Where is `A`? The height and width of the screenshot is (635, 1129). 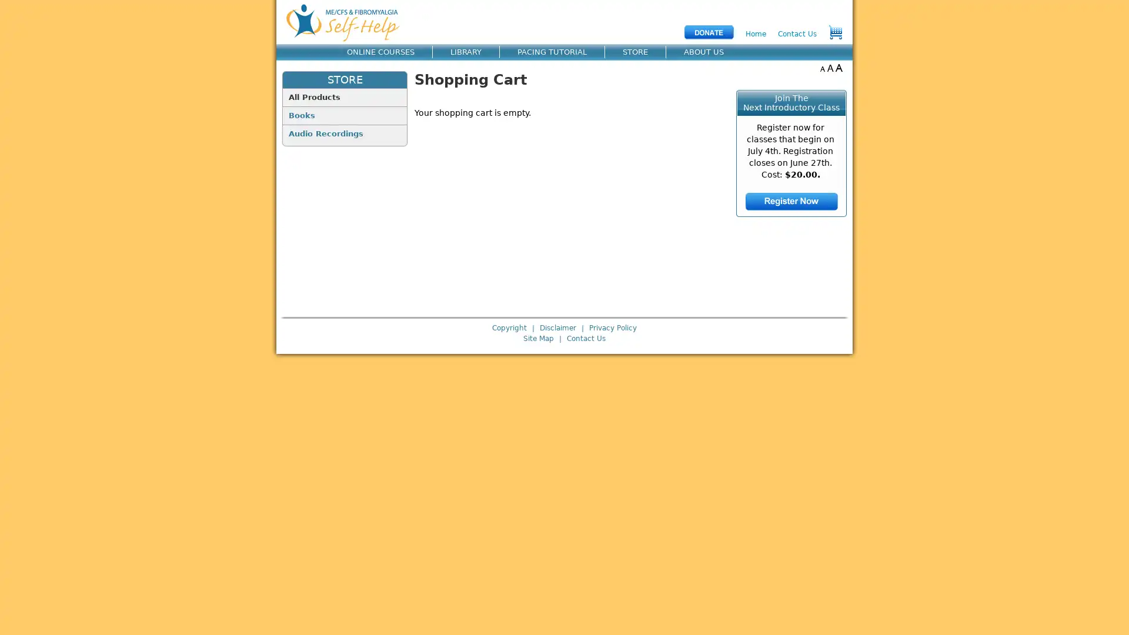 A is located at coordinates (830, 68).